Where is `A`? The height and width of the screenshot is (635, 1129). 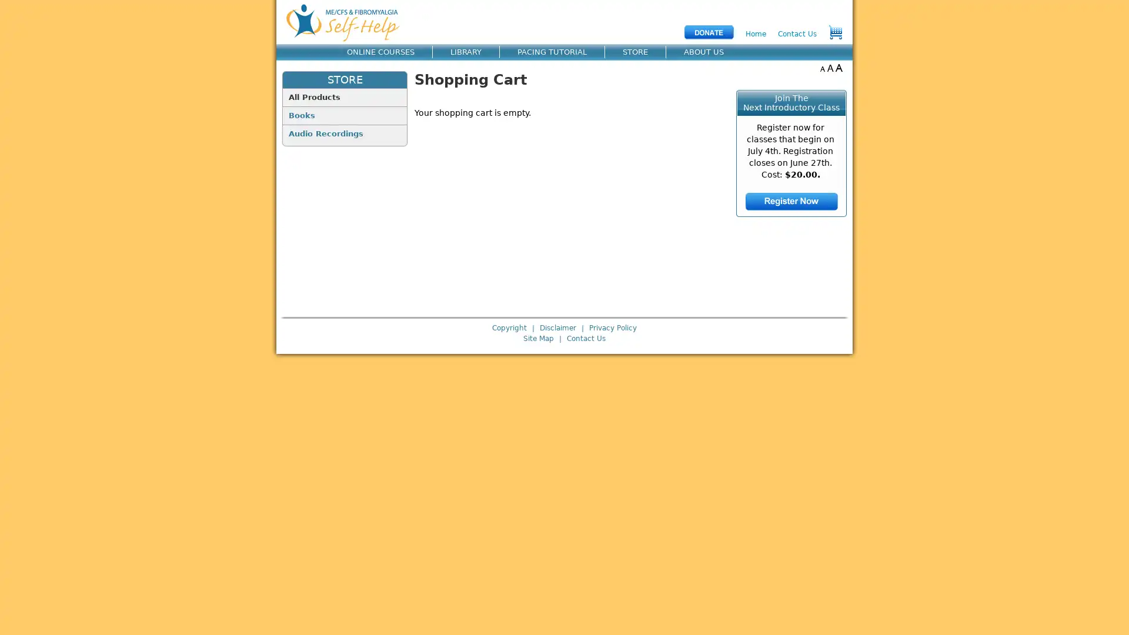 A is located at coordinates (830, 68).